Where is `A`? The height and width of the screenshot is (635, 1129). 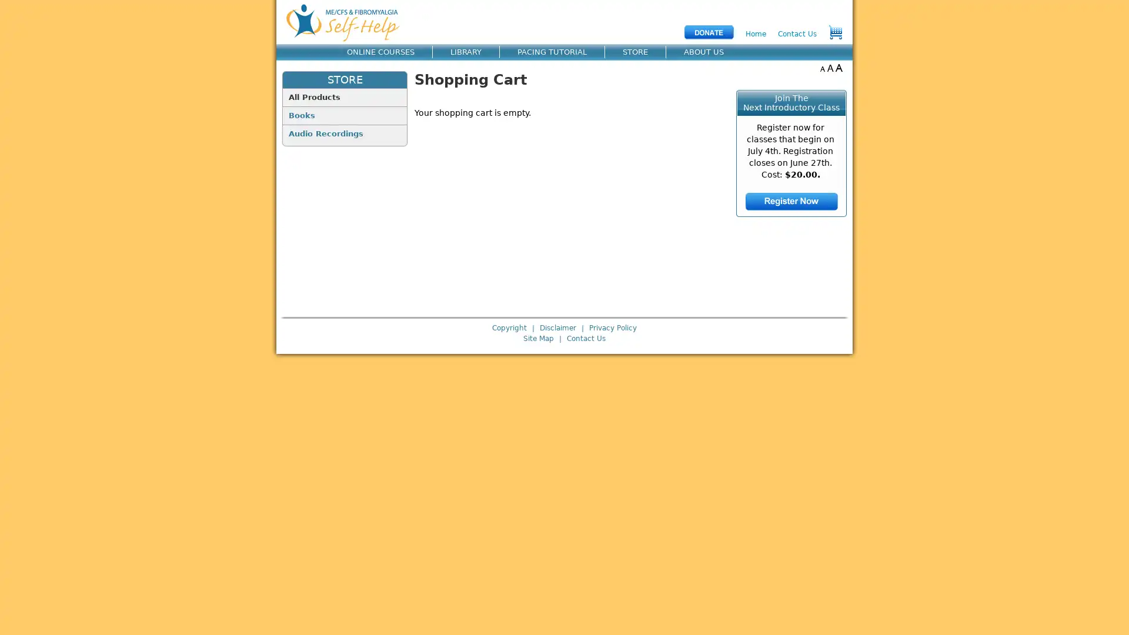 A is located at coordinates (830, 68).